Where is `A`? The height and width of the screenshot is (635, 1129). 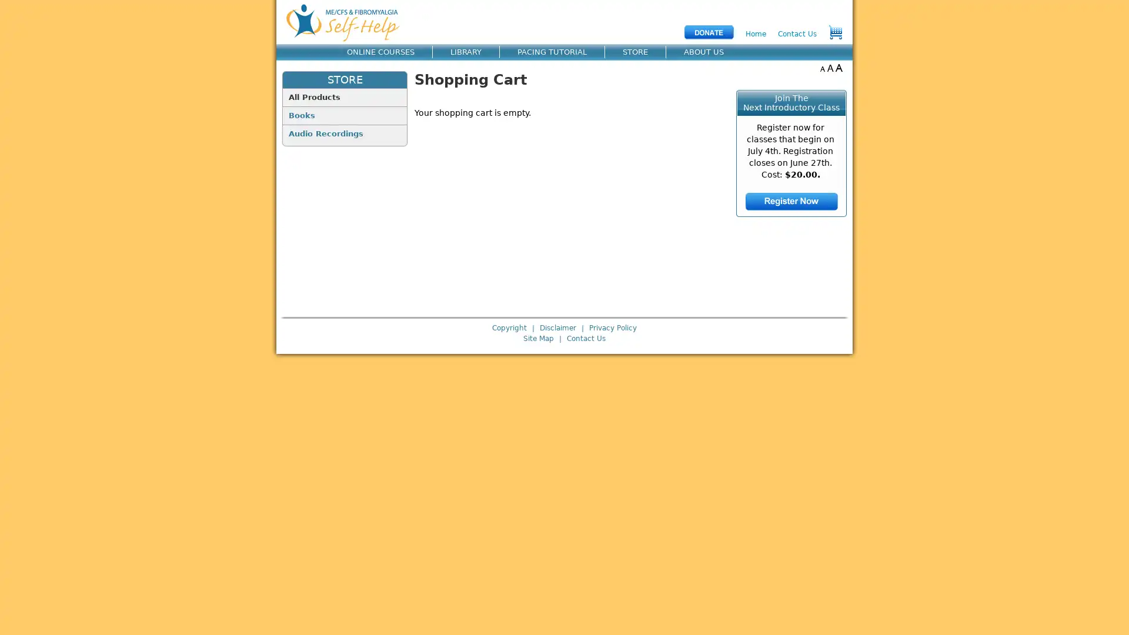 A is located at coordinates (830, 68).